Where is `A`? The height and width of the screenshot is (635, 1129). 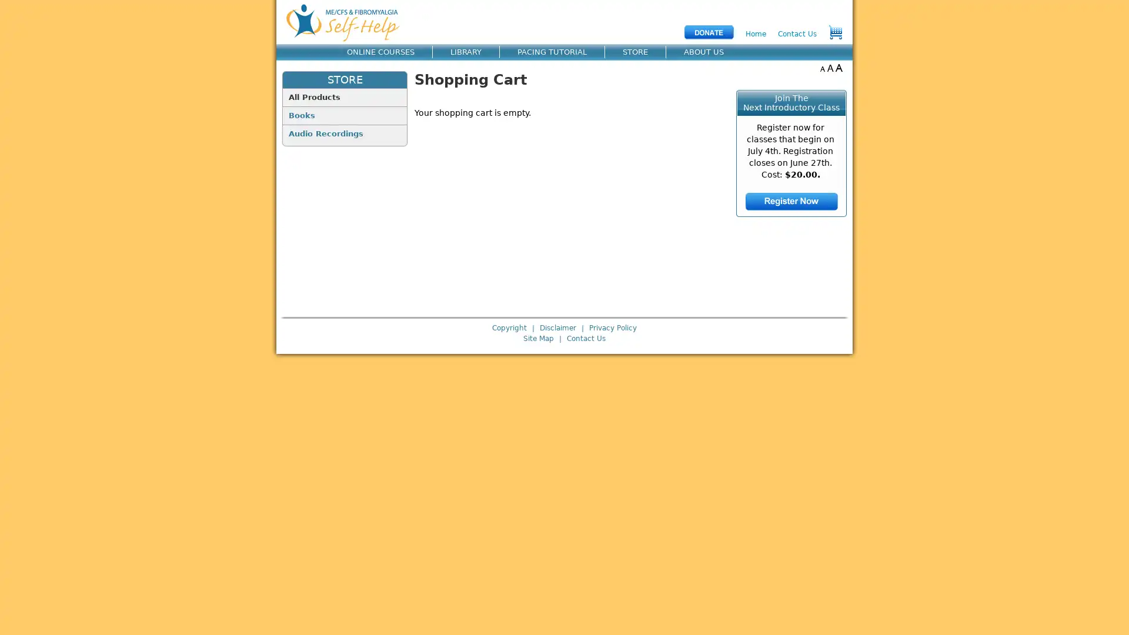 A is located at coordinates (830, 68).